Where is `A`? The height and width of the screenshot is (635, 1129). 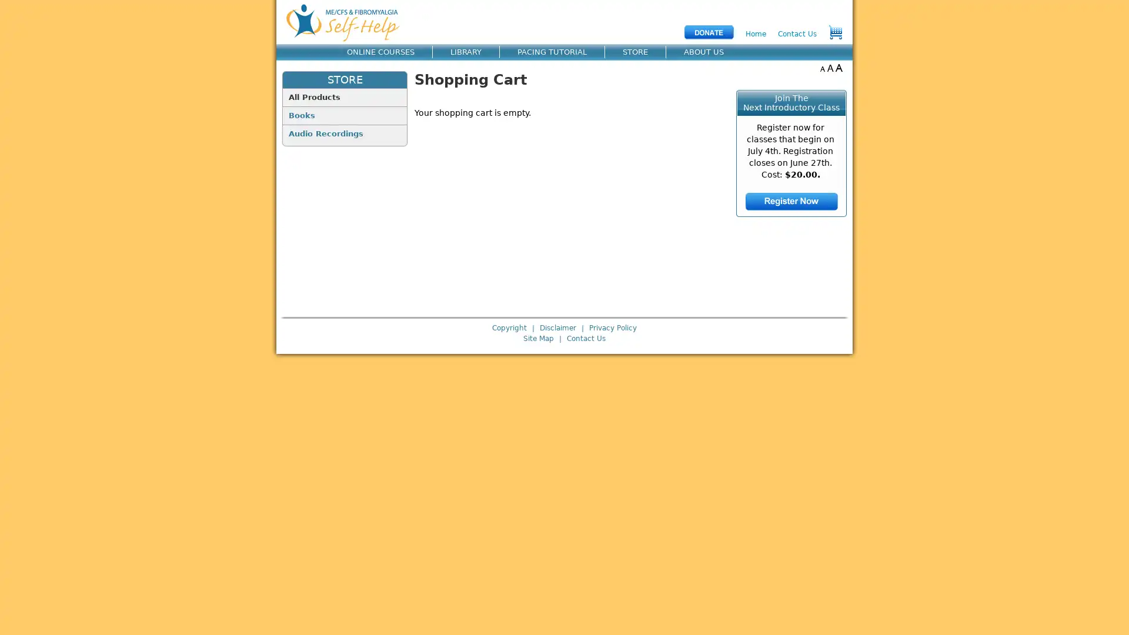 A is located at coordinates (830, 68).